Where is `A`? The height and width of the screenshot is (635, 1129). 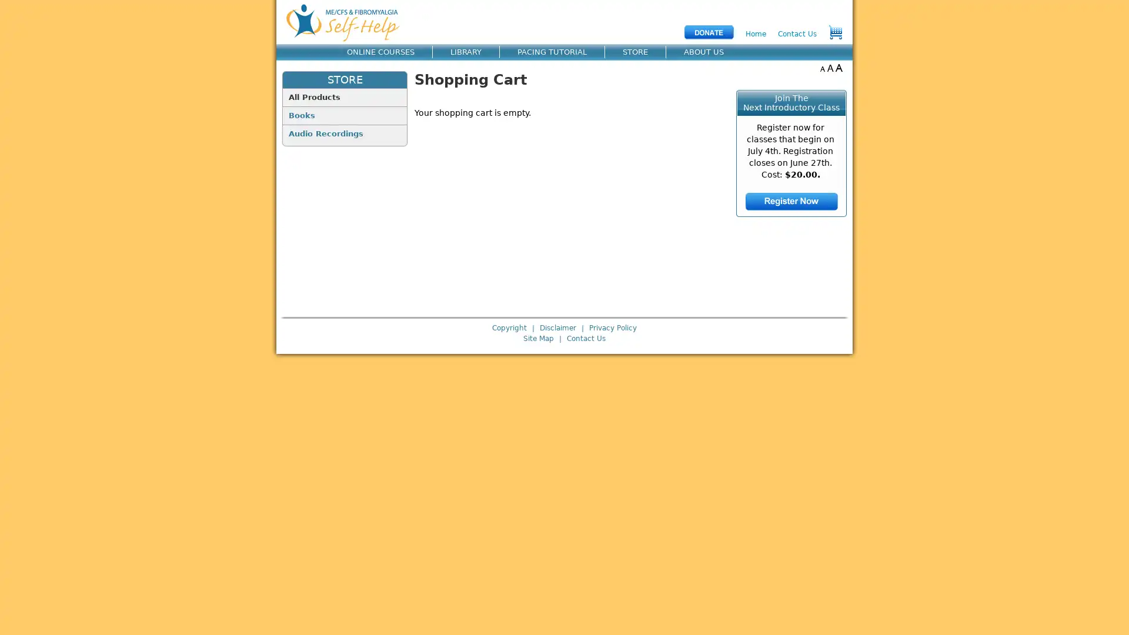 A is located at coordinates (830, 68).